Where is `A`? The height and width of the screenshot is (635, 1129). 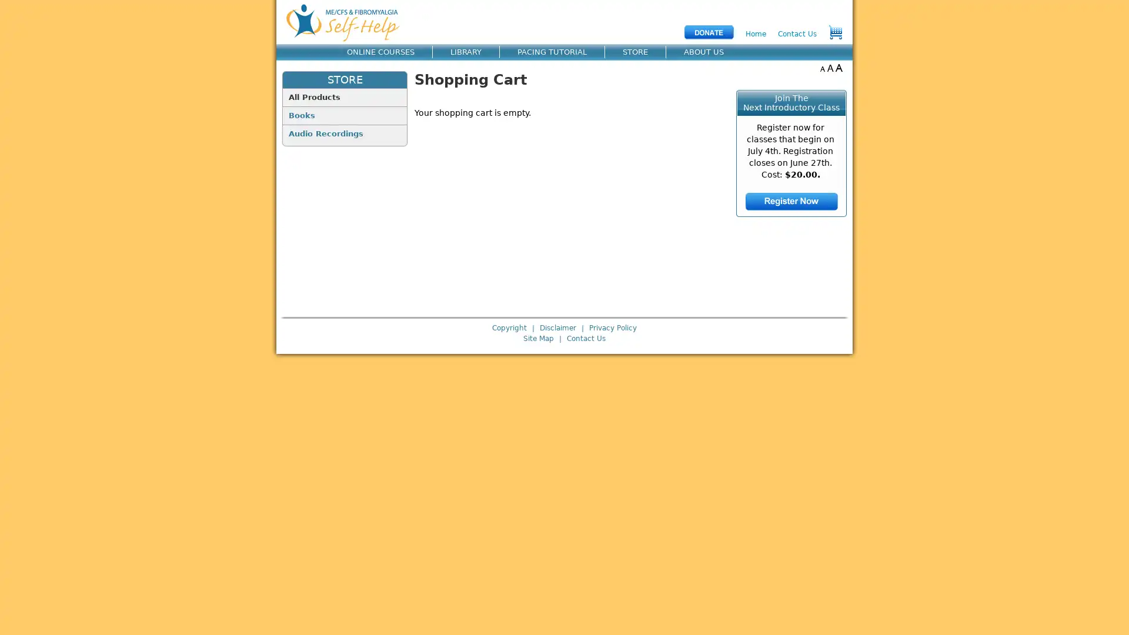 A is located at coordinates (830, 68).